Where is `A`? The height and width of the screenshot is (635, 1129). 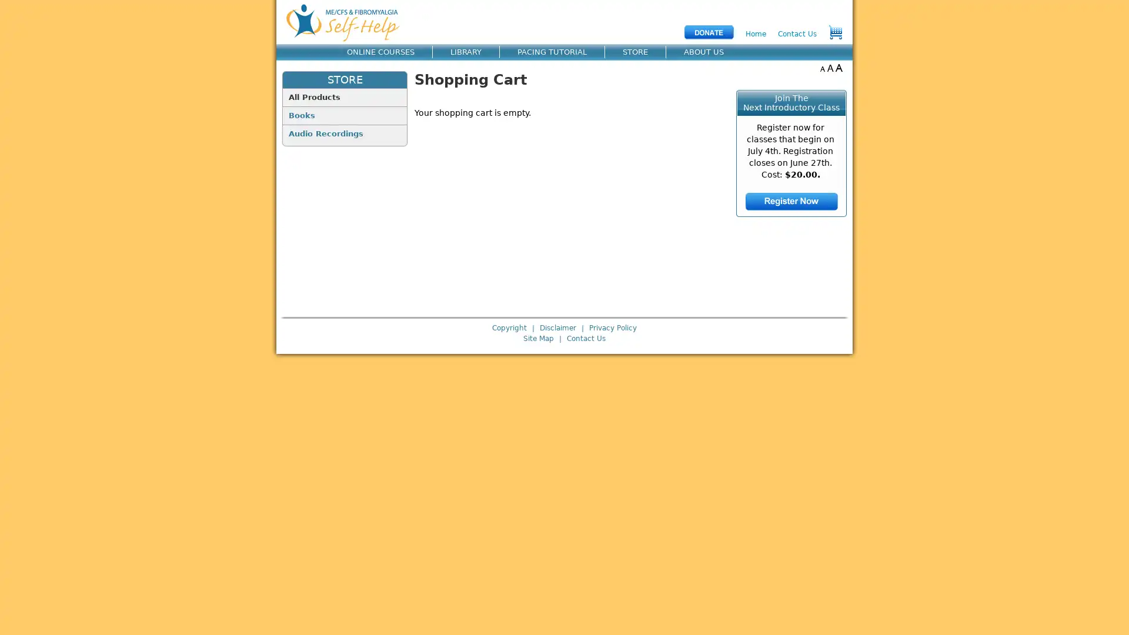 A is located at coordinates (830, 68).